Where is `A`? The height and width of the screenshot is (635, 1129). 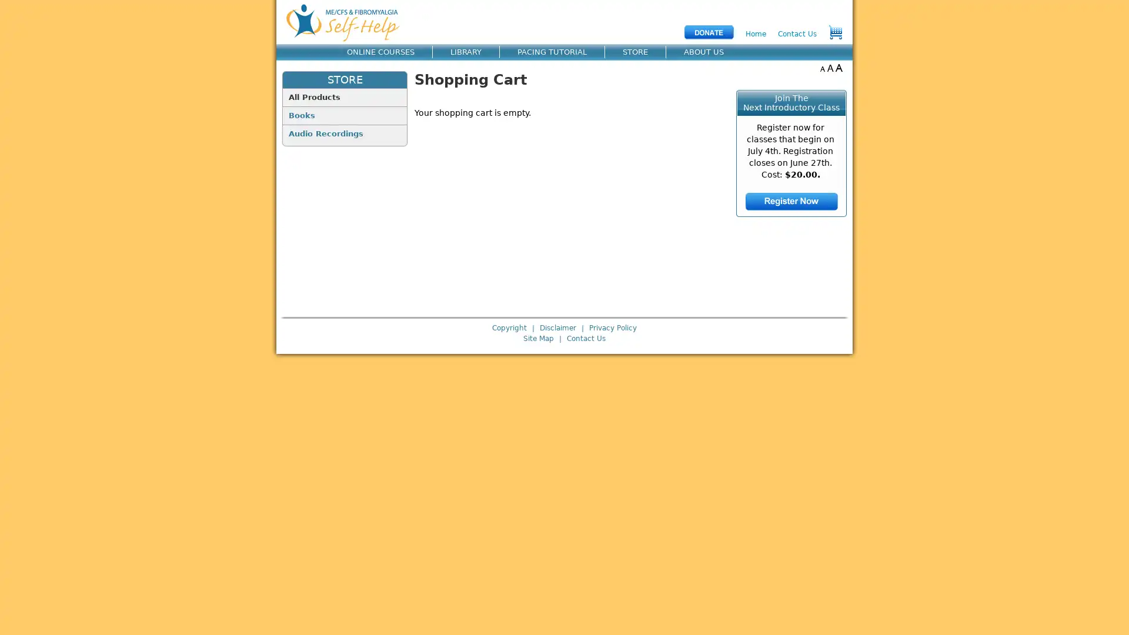 A is located at coordinates (830, 68).